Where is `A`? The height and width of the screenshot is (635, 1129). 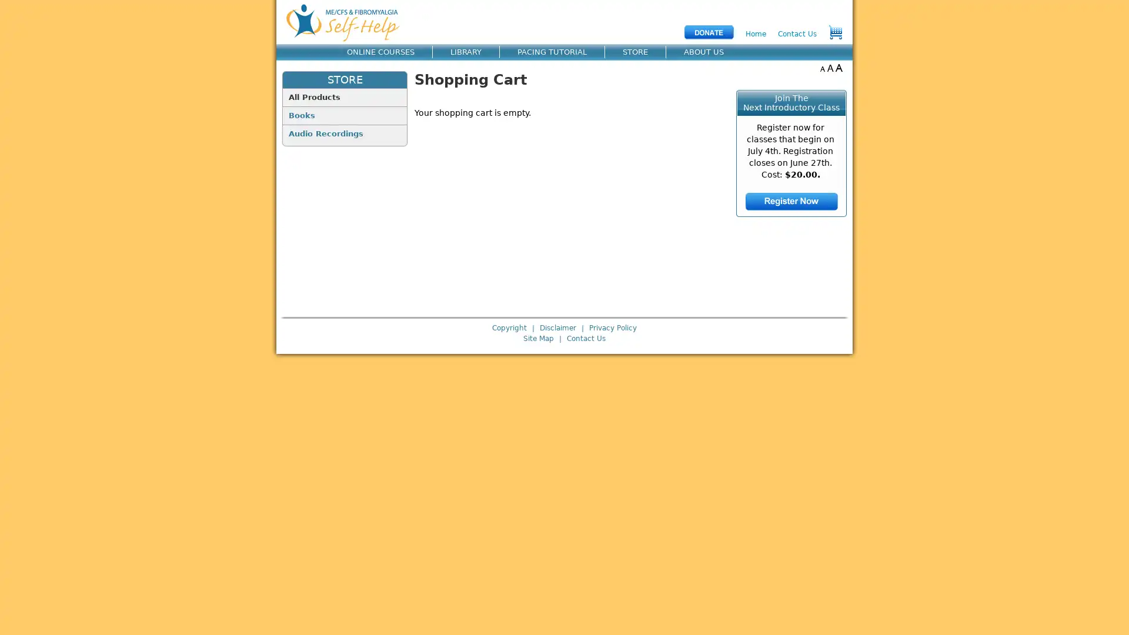 A is located at coordinates (830, 68).